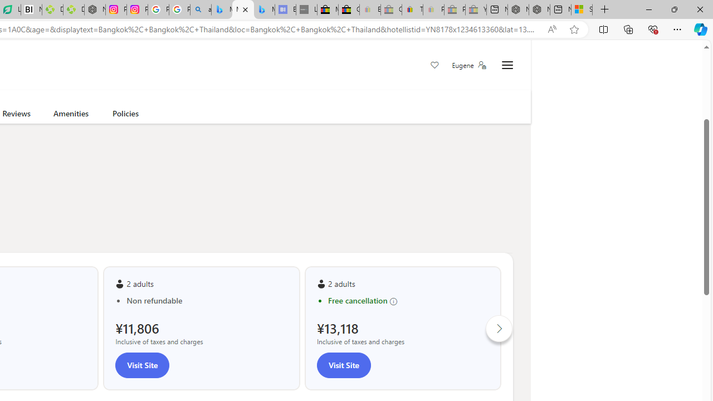  I want to click on 'Microsoft Bing Travel - Flights from Hong Kong to Bangkok', so click(222, 9).